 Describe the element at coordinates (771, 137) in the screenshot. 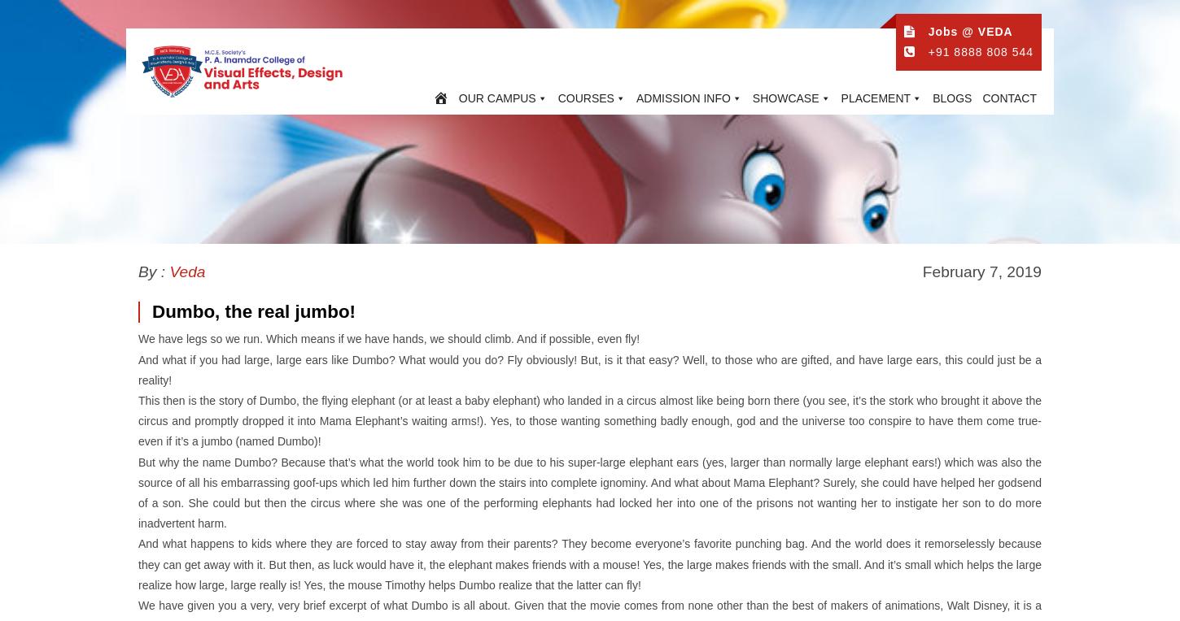

I see `'Gallery'` at that location.